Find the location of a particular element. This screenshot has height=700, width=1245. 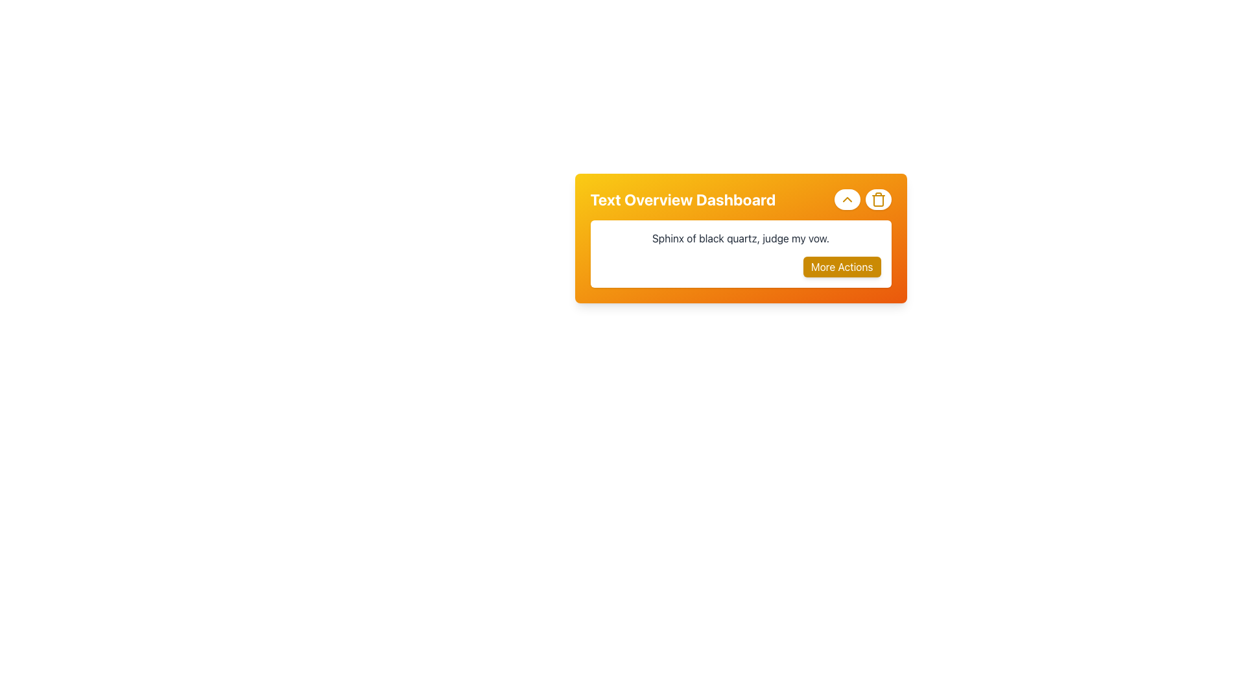

the delete button located at the top-right corner of the card is located at coordinates (878, 200).